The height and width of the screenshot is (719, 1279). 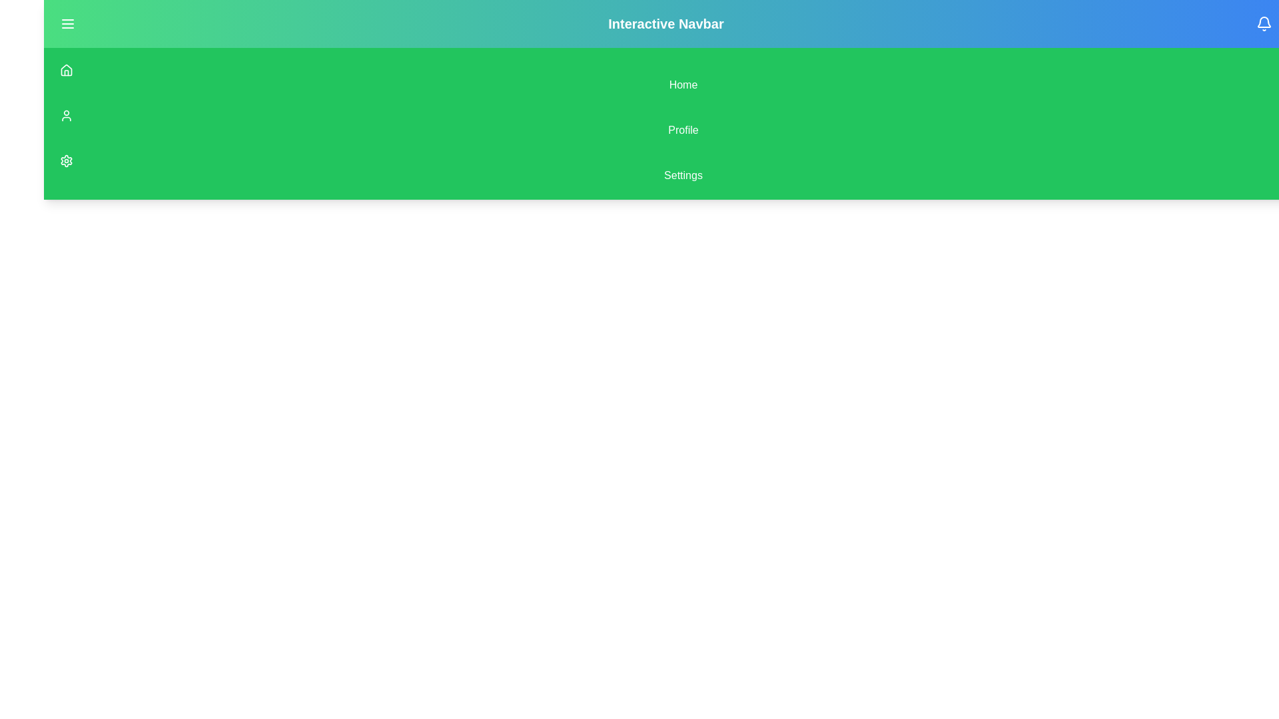 I want to click on the house icon, which has an angular roof and rectangular base, located at the top-left corner of the interface in a vertical stack of icons, so click(x=66, y=69).